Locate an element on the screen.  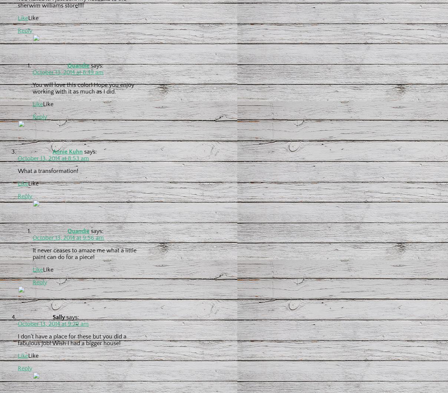
'Sally' is located at coordinates (59, 317).